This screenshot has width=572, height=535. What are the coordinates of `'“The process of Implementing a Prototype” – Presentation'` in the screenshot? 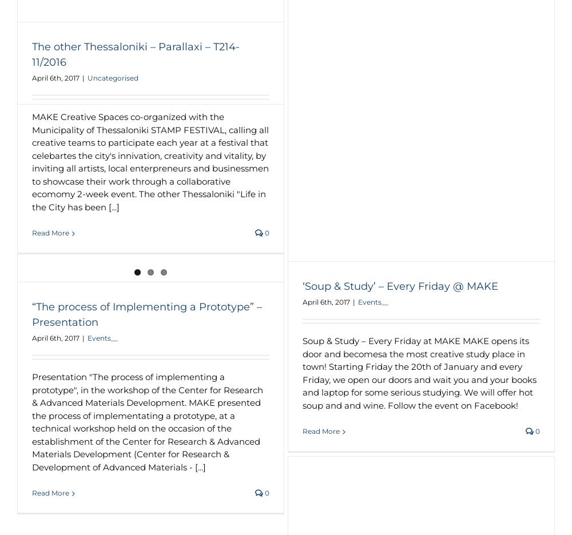 It's located at (32, 314).